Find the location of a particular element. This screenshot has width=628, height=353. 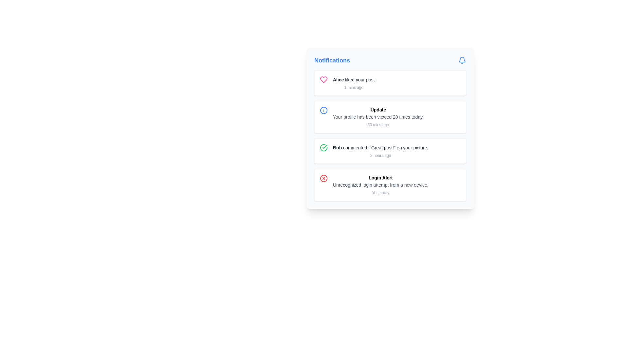

the Label element displaying the text '30 mins ago', which is located in the second notification card under the 'Update' section is located at coordinates (378, 125).